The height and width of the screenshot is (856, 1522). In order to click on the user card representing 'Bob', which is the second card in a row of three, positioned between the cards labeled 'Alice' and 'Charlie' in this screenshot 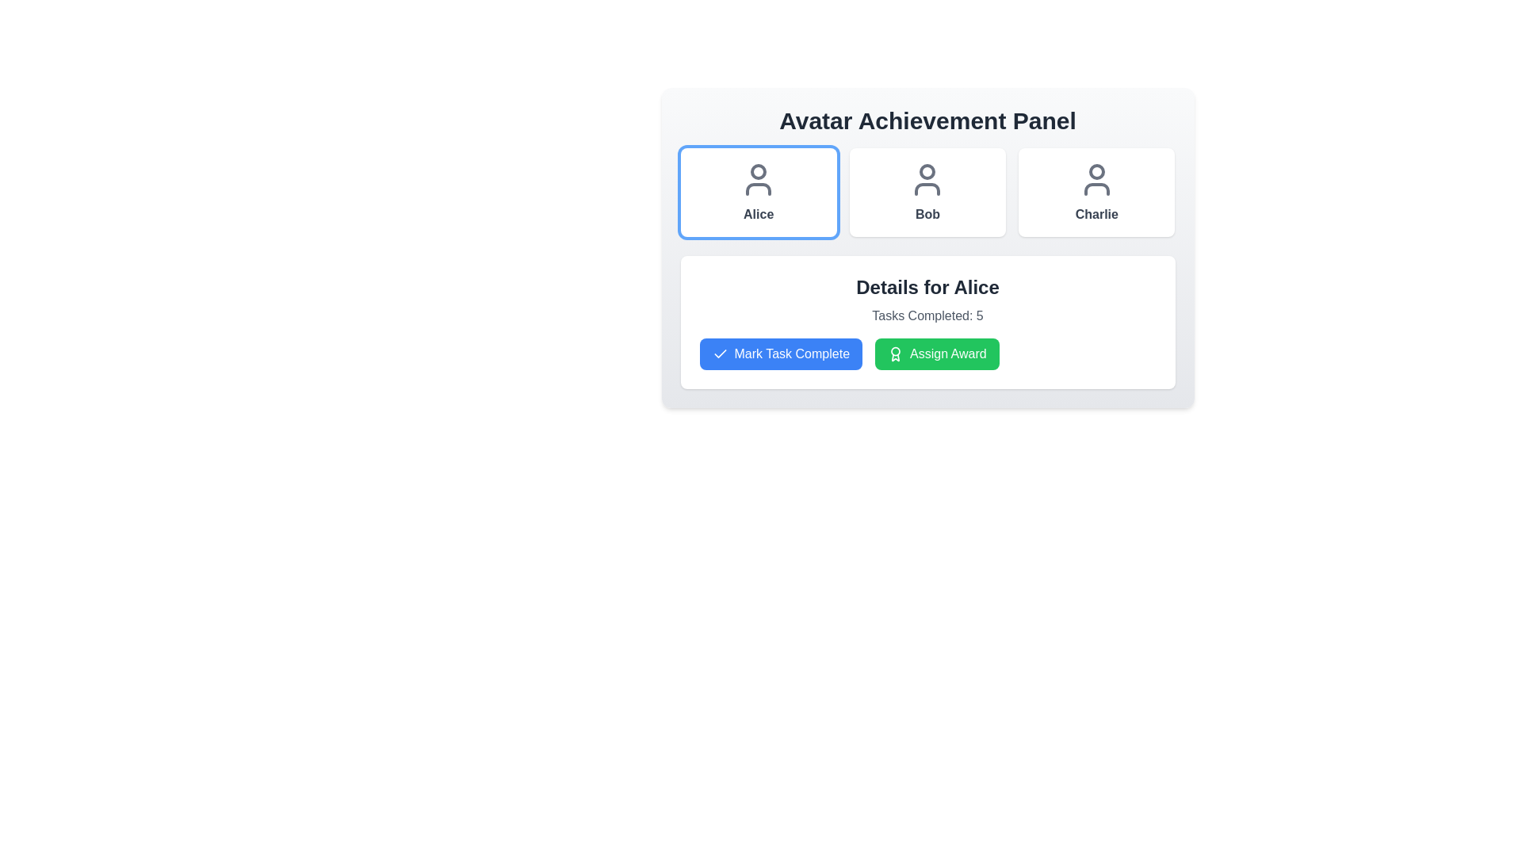, I will do `click(927, 192)`.